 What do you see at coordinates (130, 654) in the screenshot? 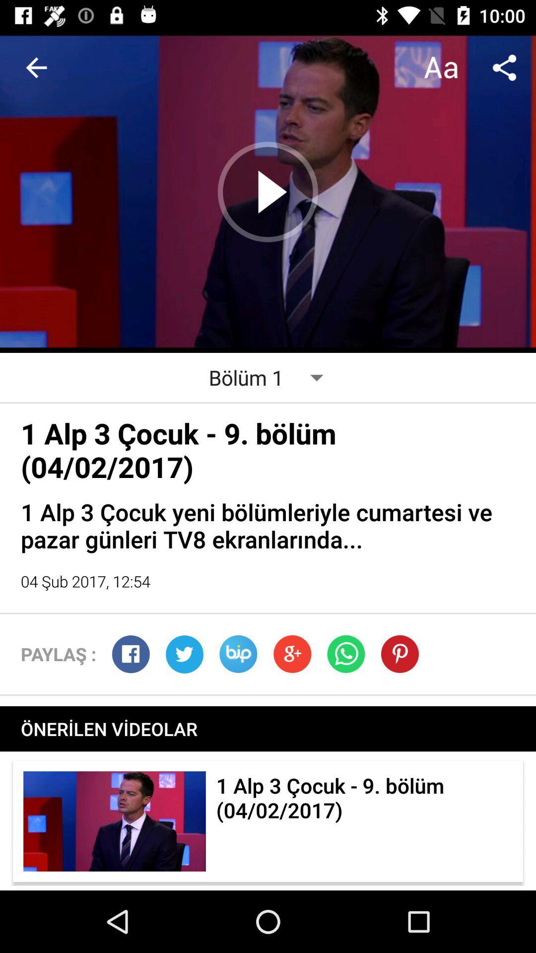
I see `the facebook icon` at bounding box center [130, 654].